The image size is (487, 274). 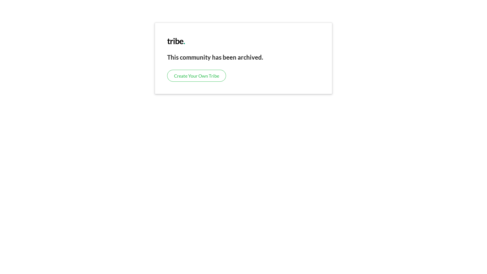 I want to click on 'Create Your Own Tribe', so click(x=196, y=75).